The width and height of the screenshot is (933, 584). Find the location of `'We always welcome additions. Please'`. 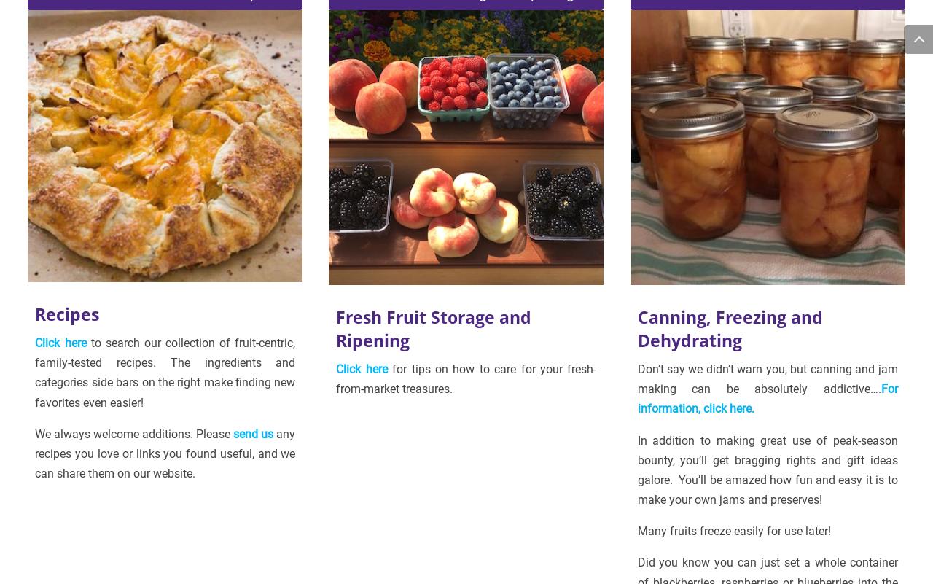

'We always welcome additions. Please' is located at coordinates (35, 433).